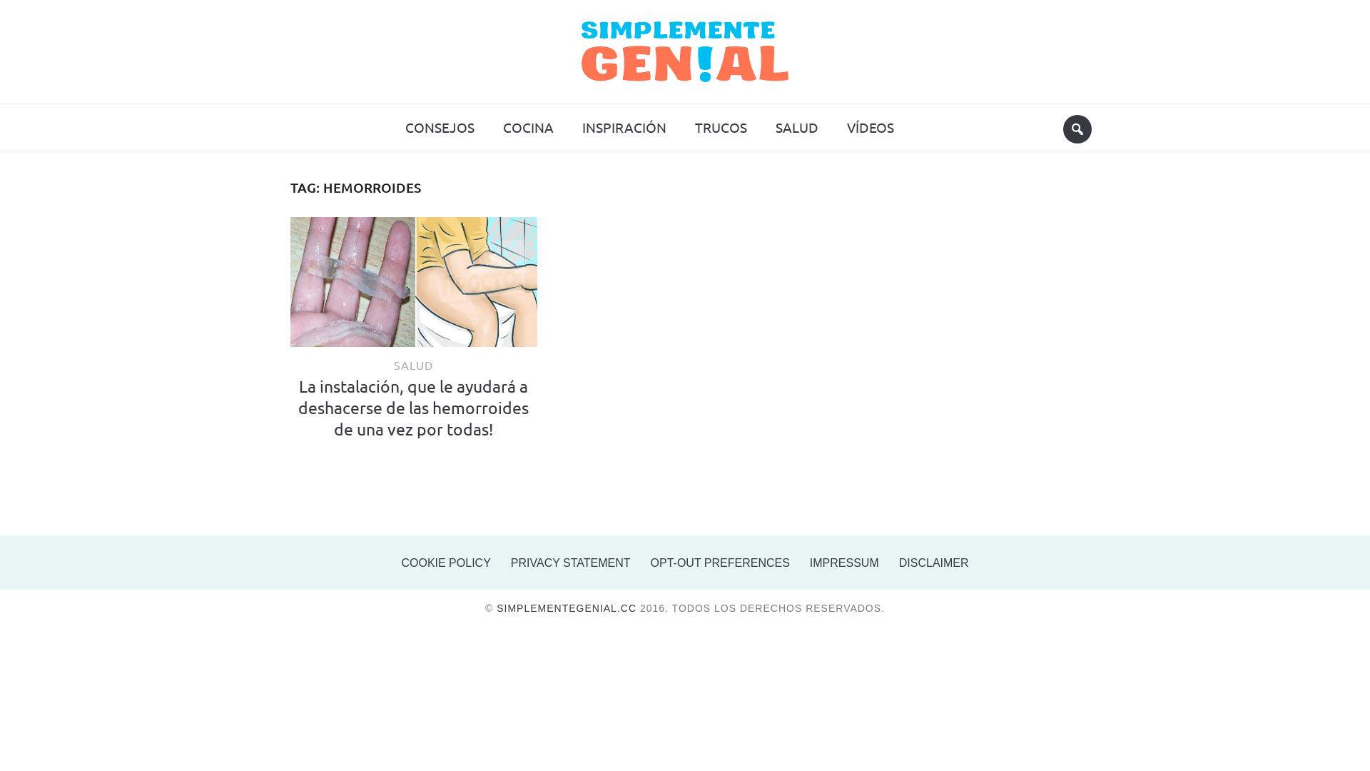 This screenshot has width=1370, height=771. Describe the element at coordinates (565, 608) in the screenshot. I see `'SIMPLEMENTEGENIAL.CC'` at that location.